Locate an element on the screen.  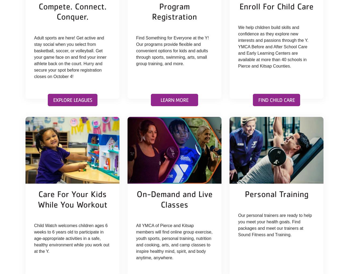
'Find Child Care' is located at coordinates (276, 99).